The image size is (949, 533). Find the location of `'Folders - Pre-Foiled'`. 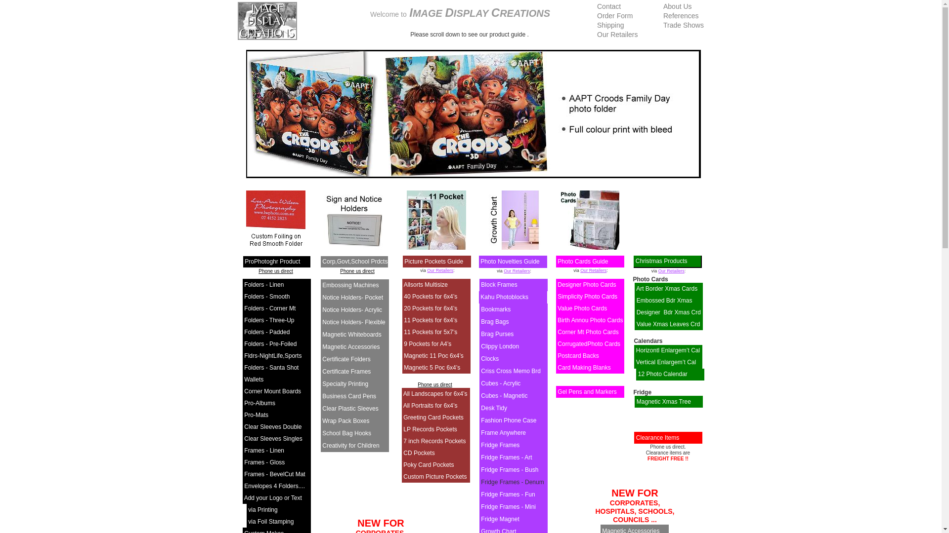

'Folders - Pre-Foiled' is located at coordinates (270, 343).